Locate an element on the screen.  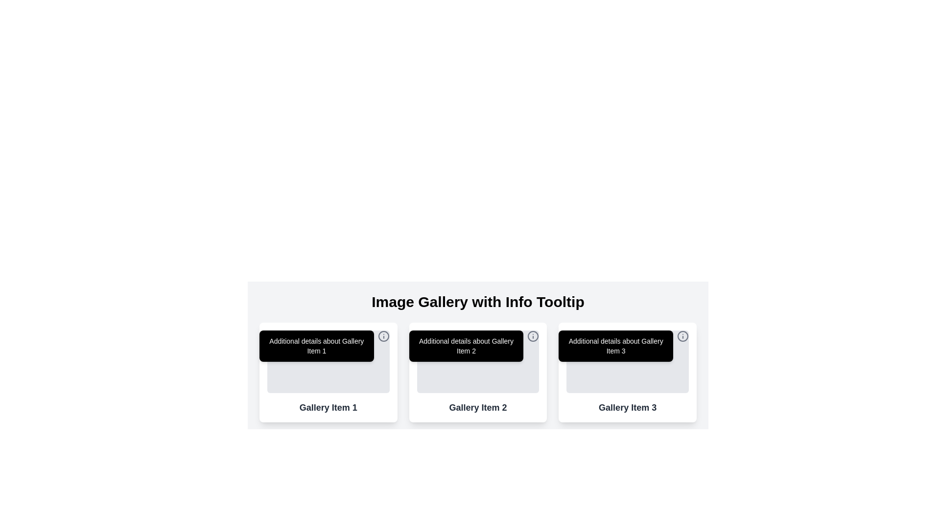
the info indicator icon located at the top-right corner of 'Gallery Item 3' is located at coordinates (682, 335).